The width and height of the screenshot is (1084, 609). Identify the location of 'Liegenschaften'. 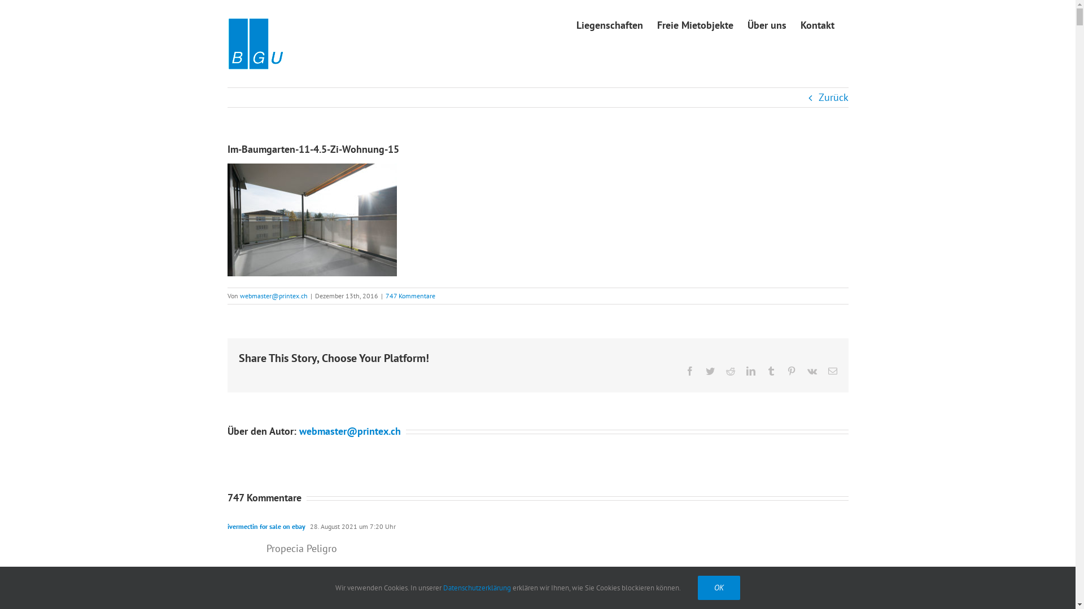
(609, 24).